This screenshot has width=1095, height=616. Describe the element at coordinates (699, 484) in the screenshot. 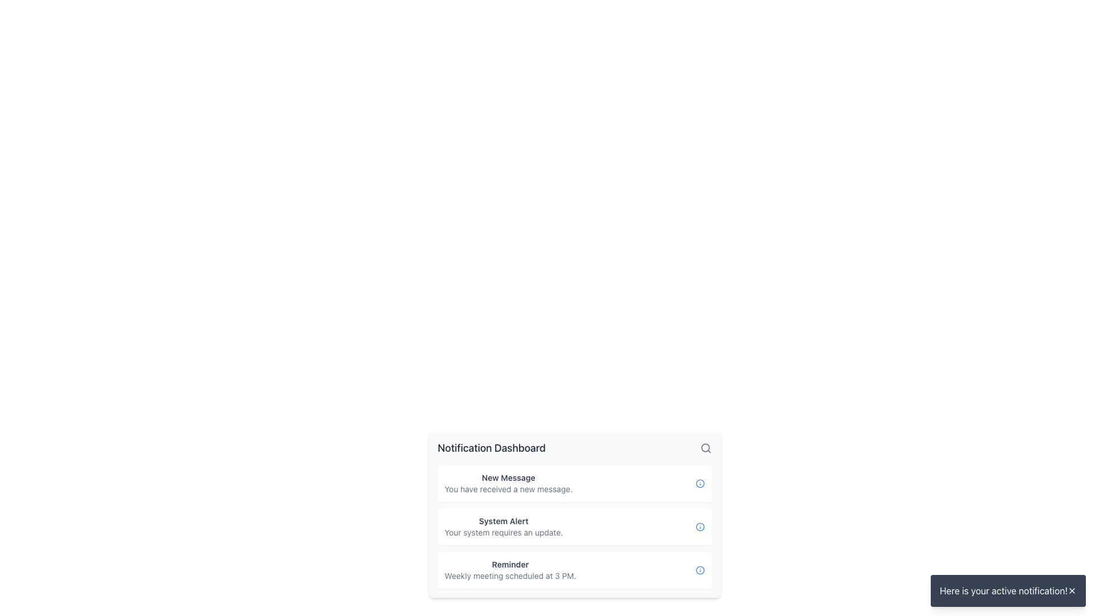

I see `the blue info icon represented by a circle with a radius of 10 units, which is part of the SVG element for the 'New Message' notification entry` at that location.